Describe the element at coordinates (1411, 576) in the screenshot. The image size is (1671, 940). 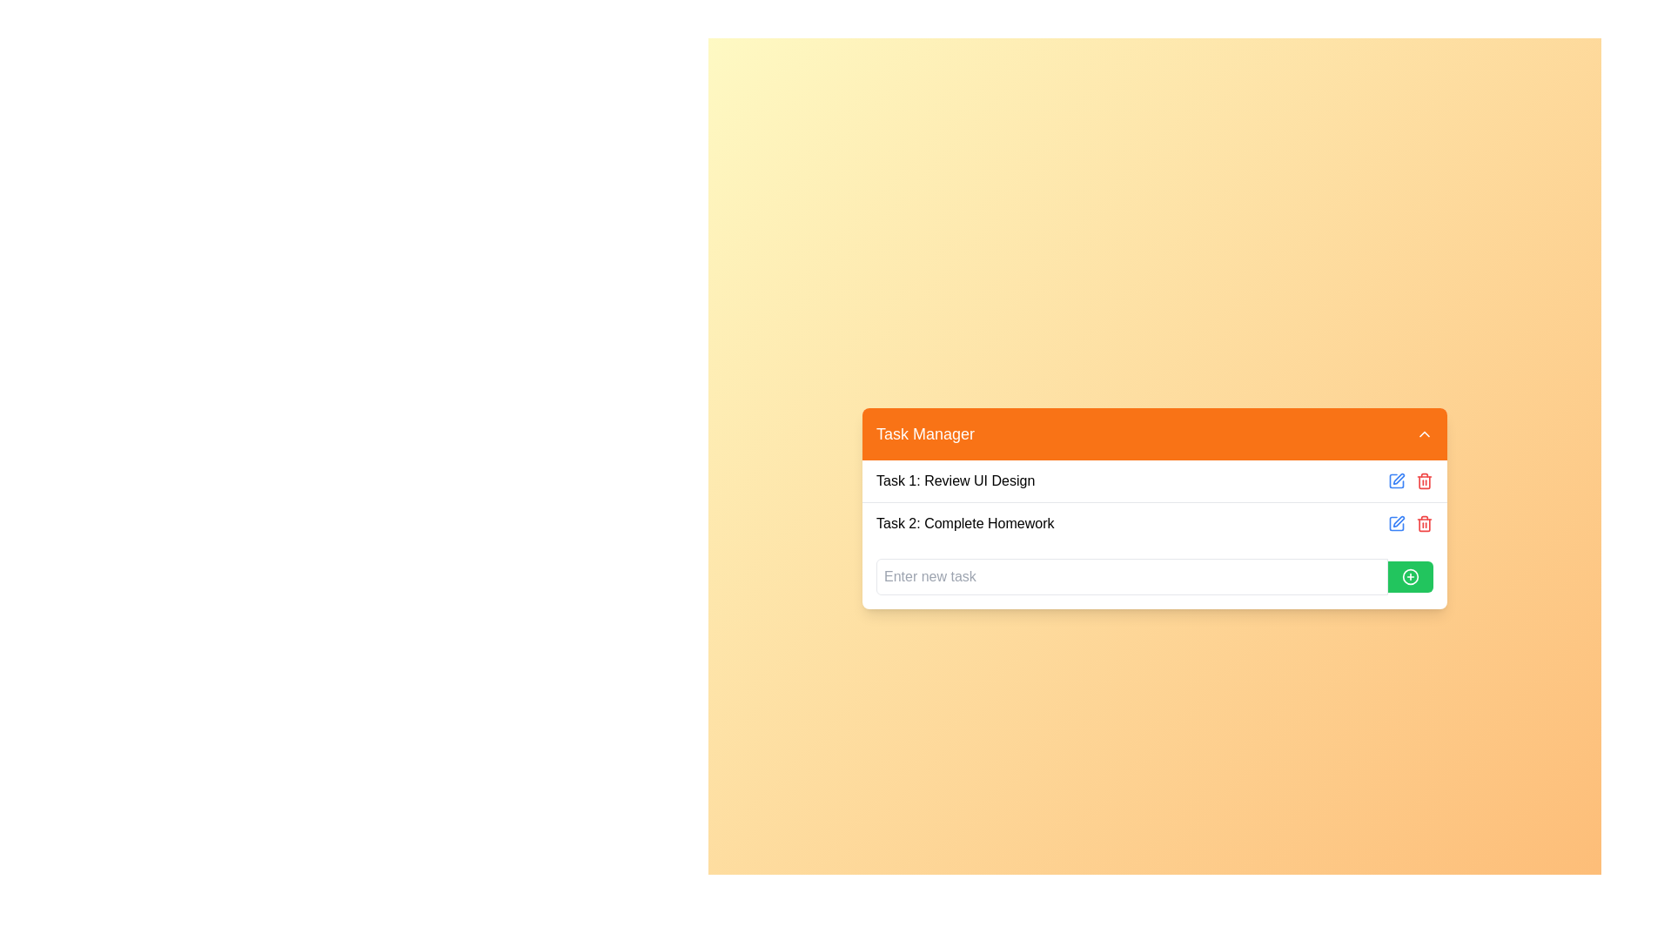
I see `the green rectangular button with a white plus symbol in the bottom-right corner` at that location.